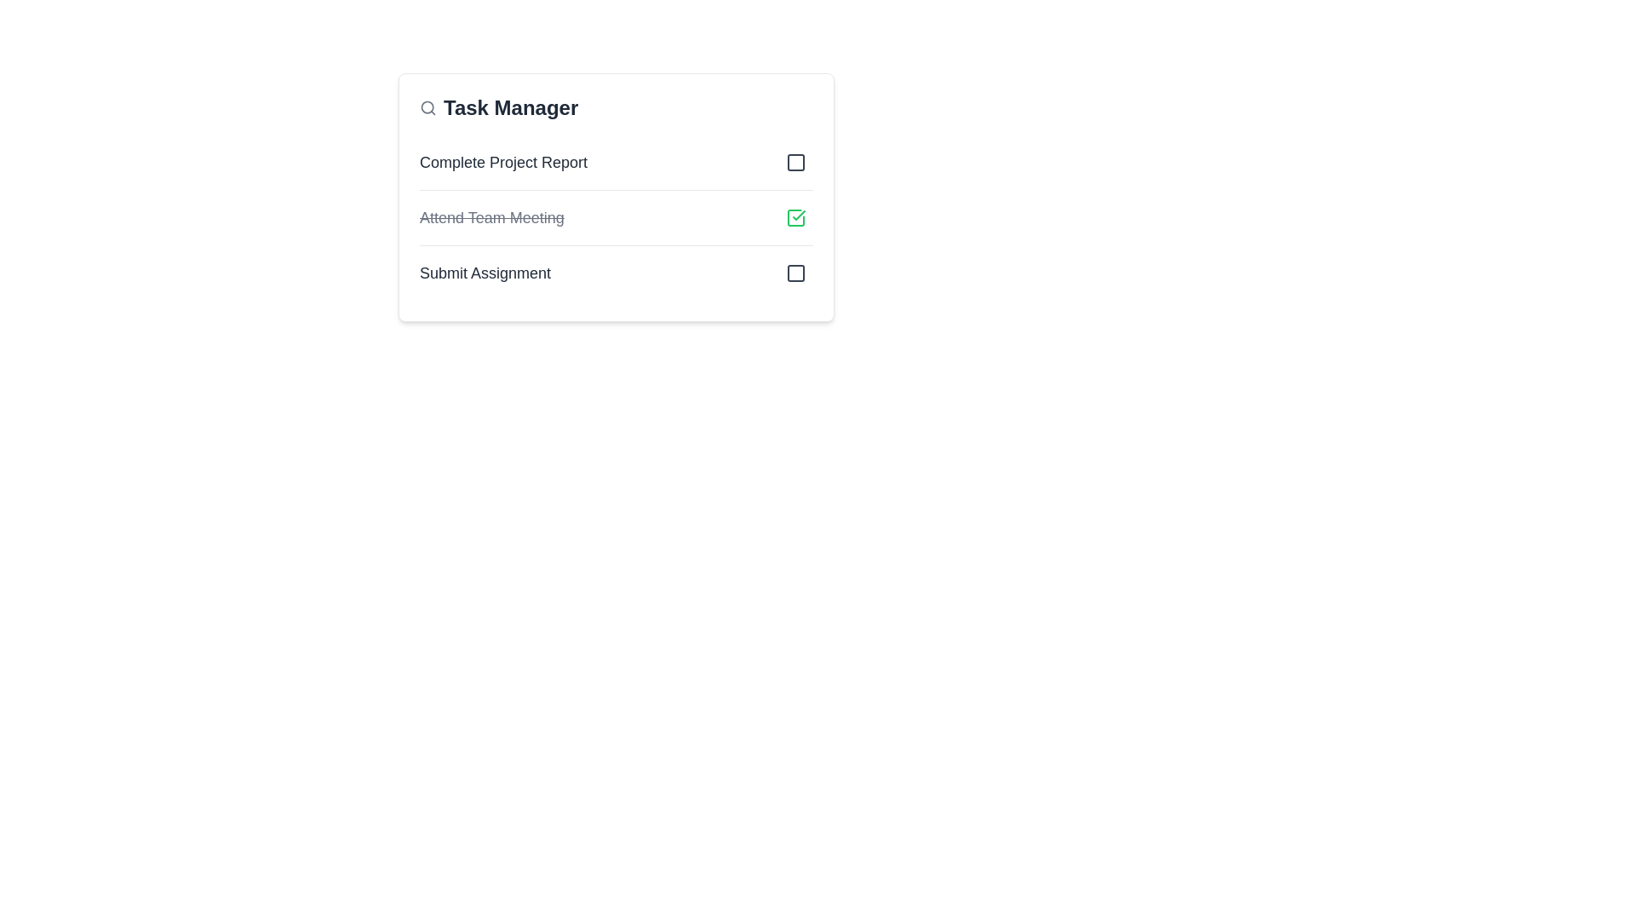 This screenshot has width=1635, height=920. What do you see at coordinates (795, 163) in the screenshot?
I see `the button located at the far right end of the first item in the vertical task list layout, adjacent to the 'Complete Project Report' text` at bounding box center [795, 163].